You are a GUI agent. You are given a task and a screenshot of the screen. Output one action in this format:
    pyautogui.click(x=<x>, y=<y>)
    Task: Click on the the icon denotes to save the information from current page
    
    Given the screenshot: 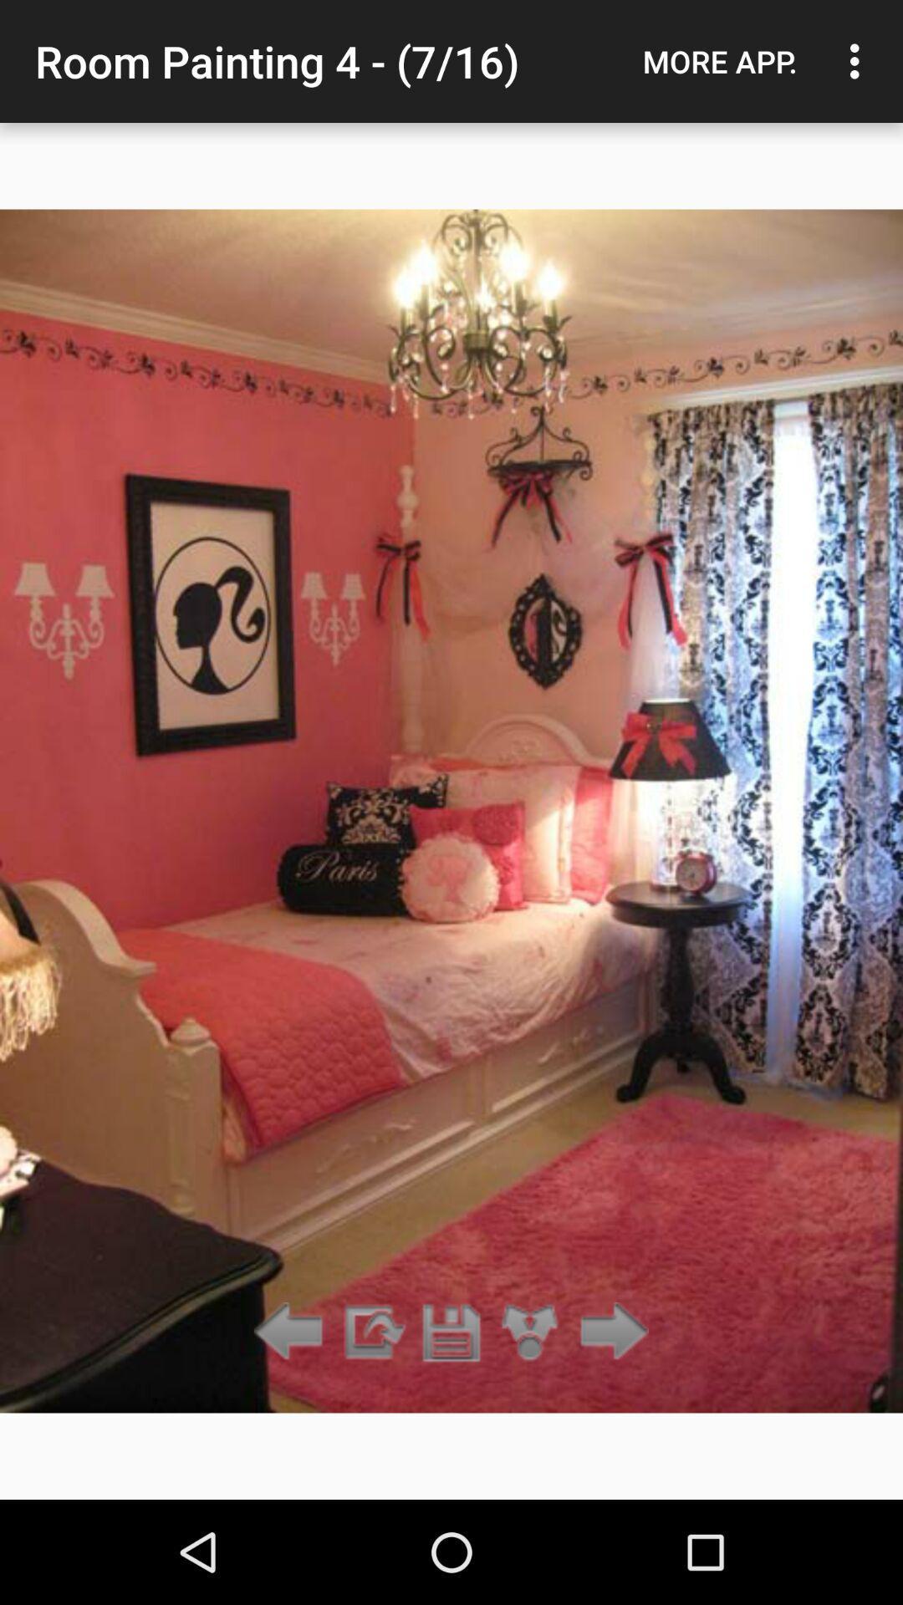 What is the action you would take?
    pyautogui.click(x=451, y=1332)
    